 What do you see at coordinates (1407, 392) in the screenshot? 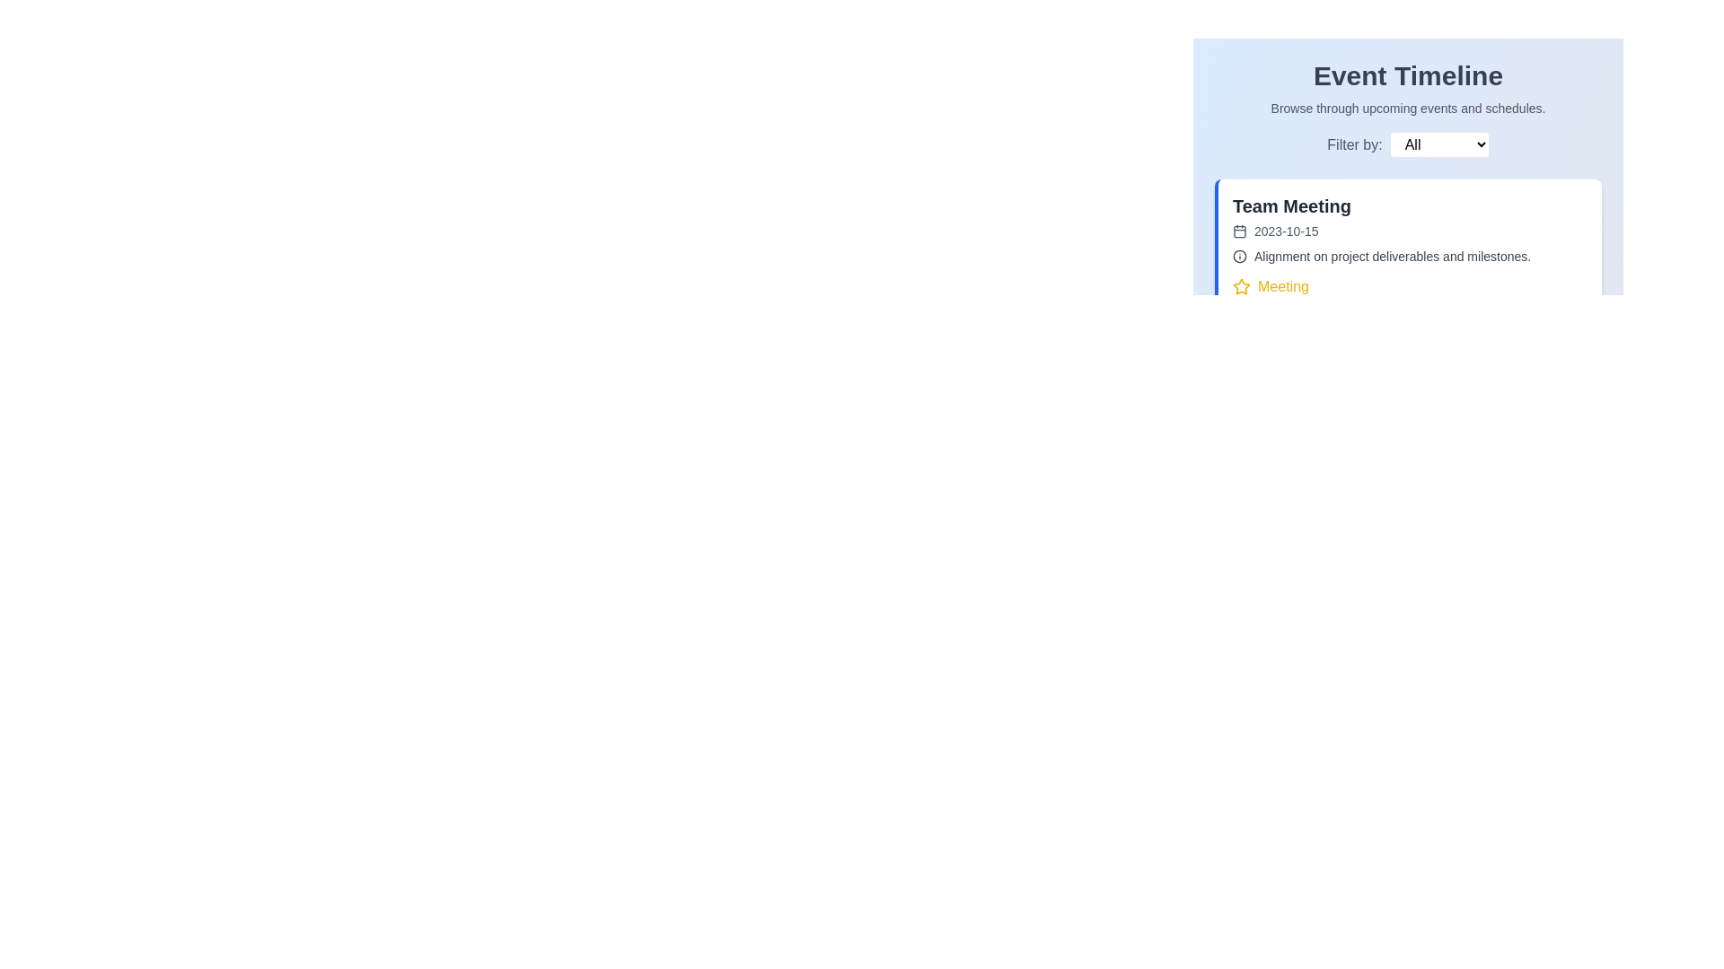
I see `the contextual navigation tools` at bounding box center [1407, 392].